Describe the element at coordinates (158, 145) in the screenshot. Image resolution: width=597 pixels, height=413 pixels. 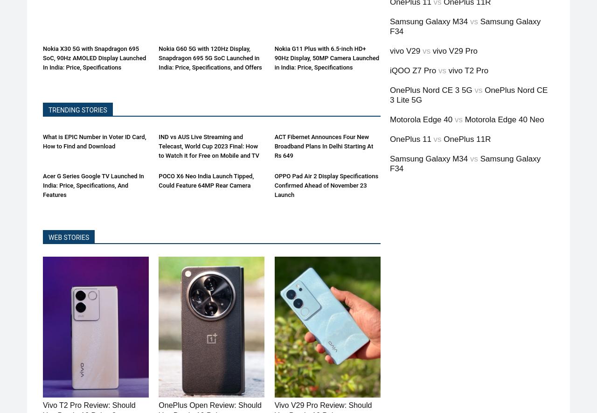
I see `'IND vs AUS Live Streaming and Telecast, World Cup 2023 Final: How to Watch it for Free on Mobile and TV'` at that location.